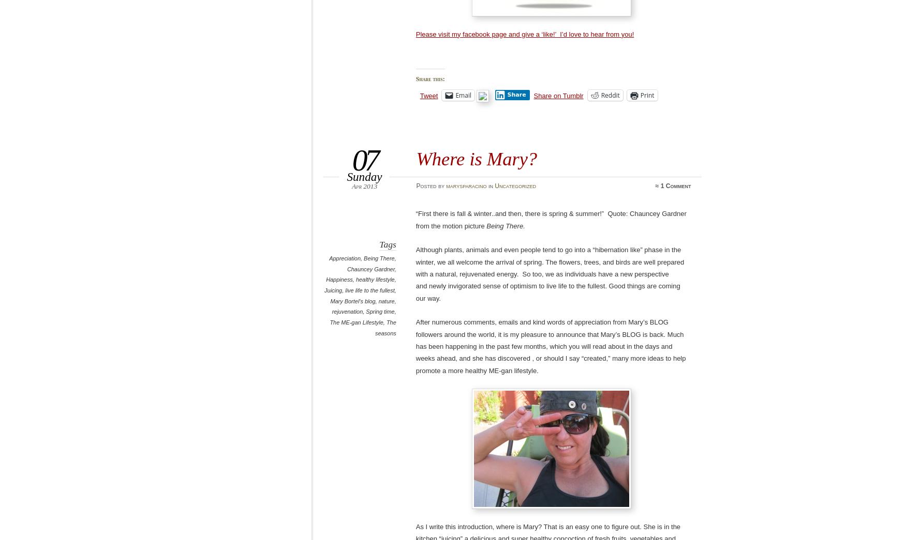  Describe the element at coordinates (550, 274) in the screenshot. I see `'Although plants, animals and even people tend to go into a “hibernation like” phase in the winter, we all welcome the arrival of spring. The flowers, trees, and birds are well prepared with a natural, rejuvenated energy.  So too, we as individuals have a new perspective and newly invigorated sense of optimism to live life to the fullest. Good things are coming our way.'` at that location.